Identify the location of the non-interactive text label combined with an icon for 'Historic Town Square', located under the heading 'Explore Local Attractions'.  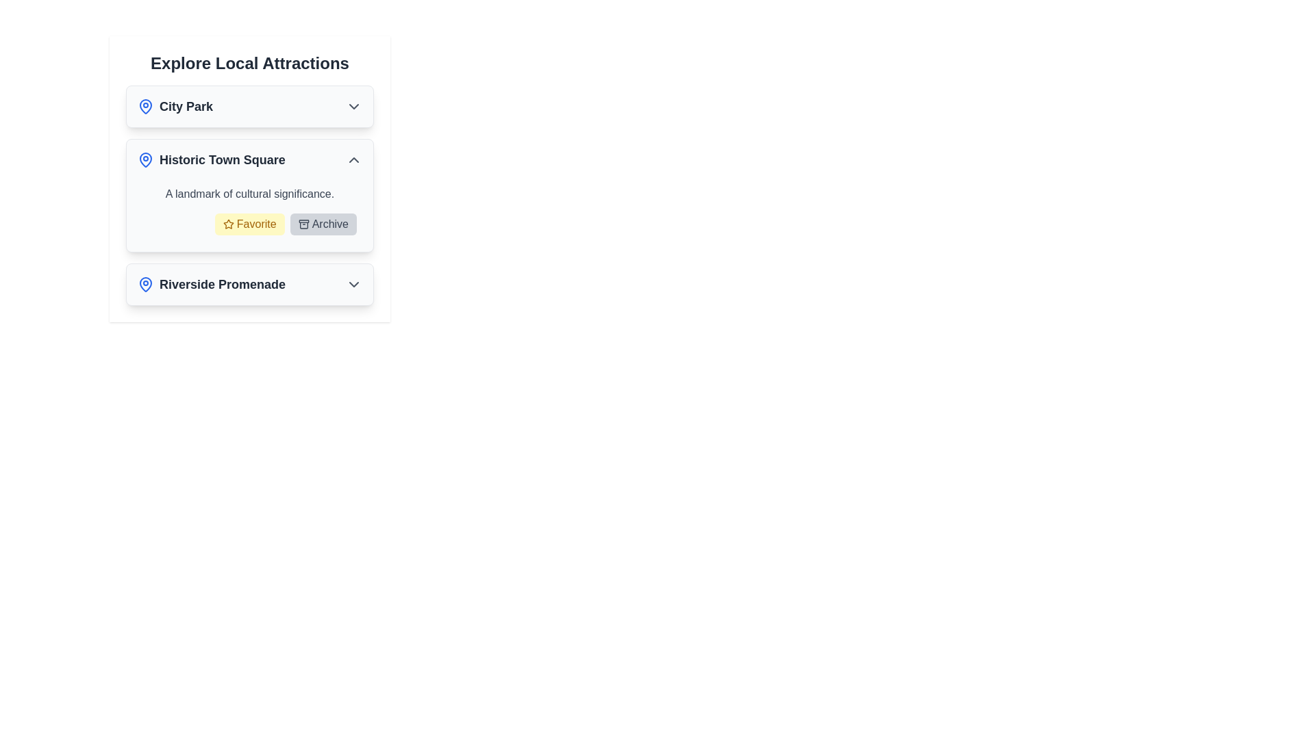
(210, 159).